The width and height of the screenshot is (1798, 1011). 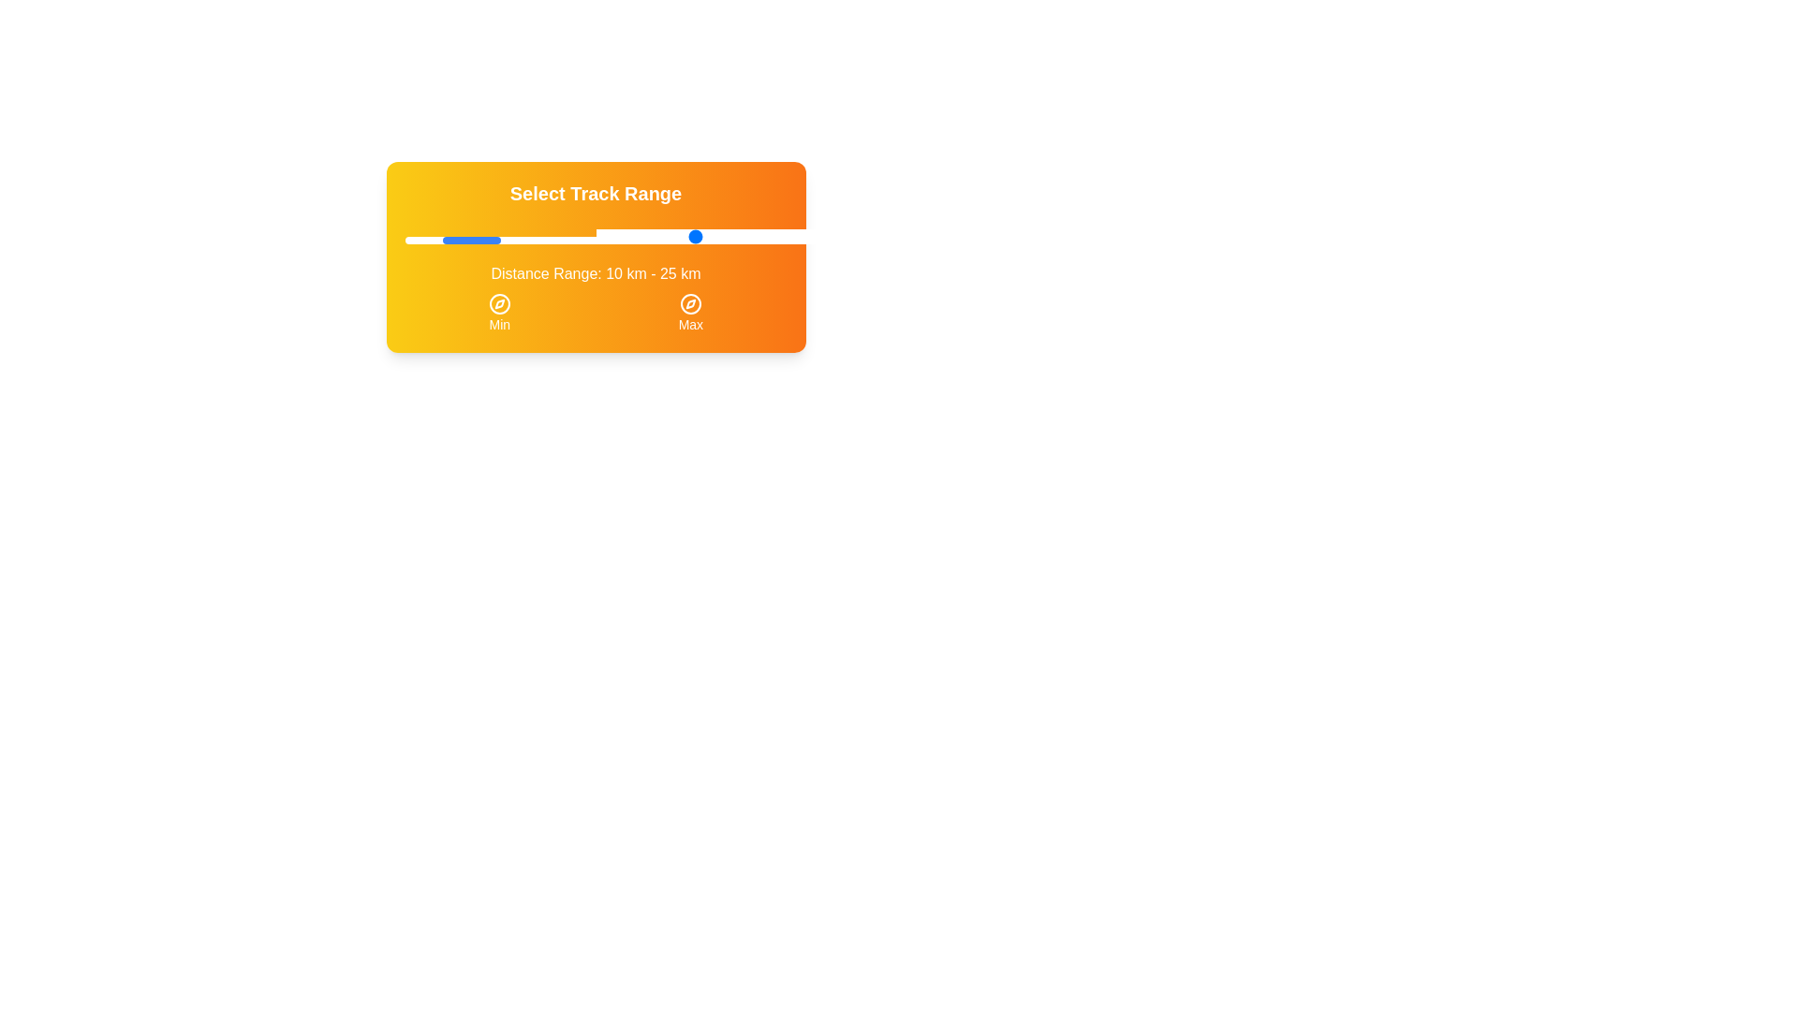 I want to click on the slider, so click(x=679, y=236).